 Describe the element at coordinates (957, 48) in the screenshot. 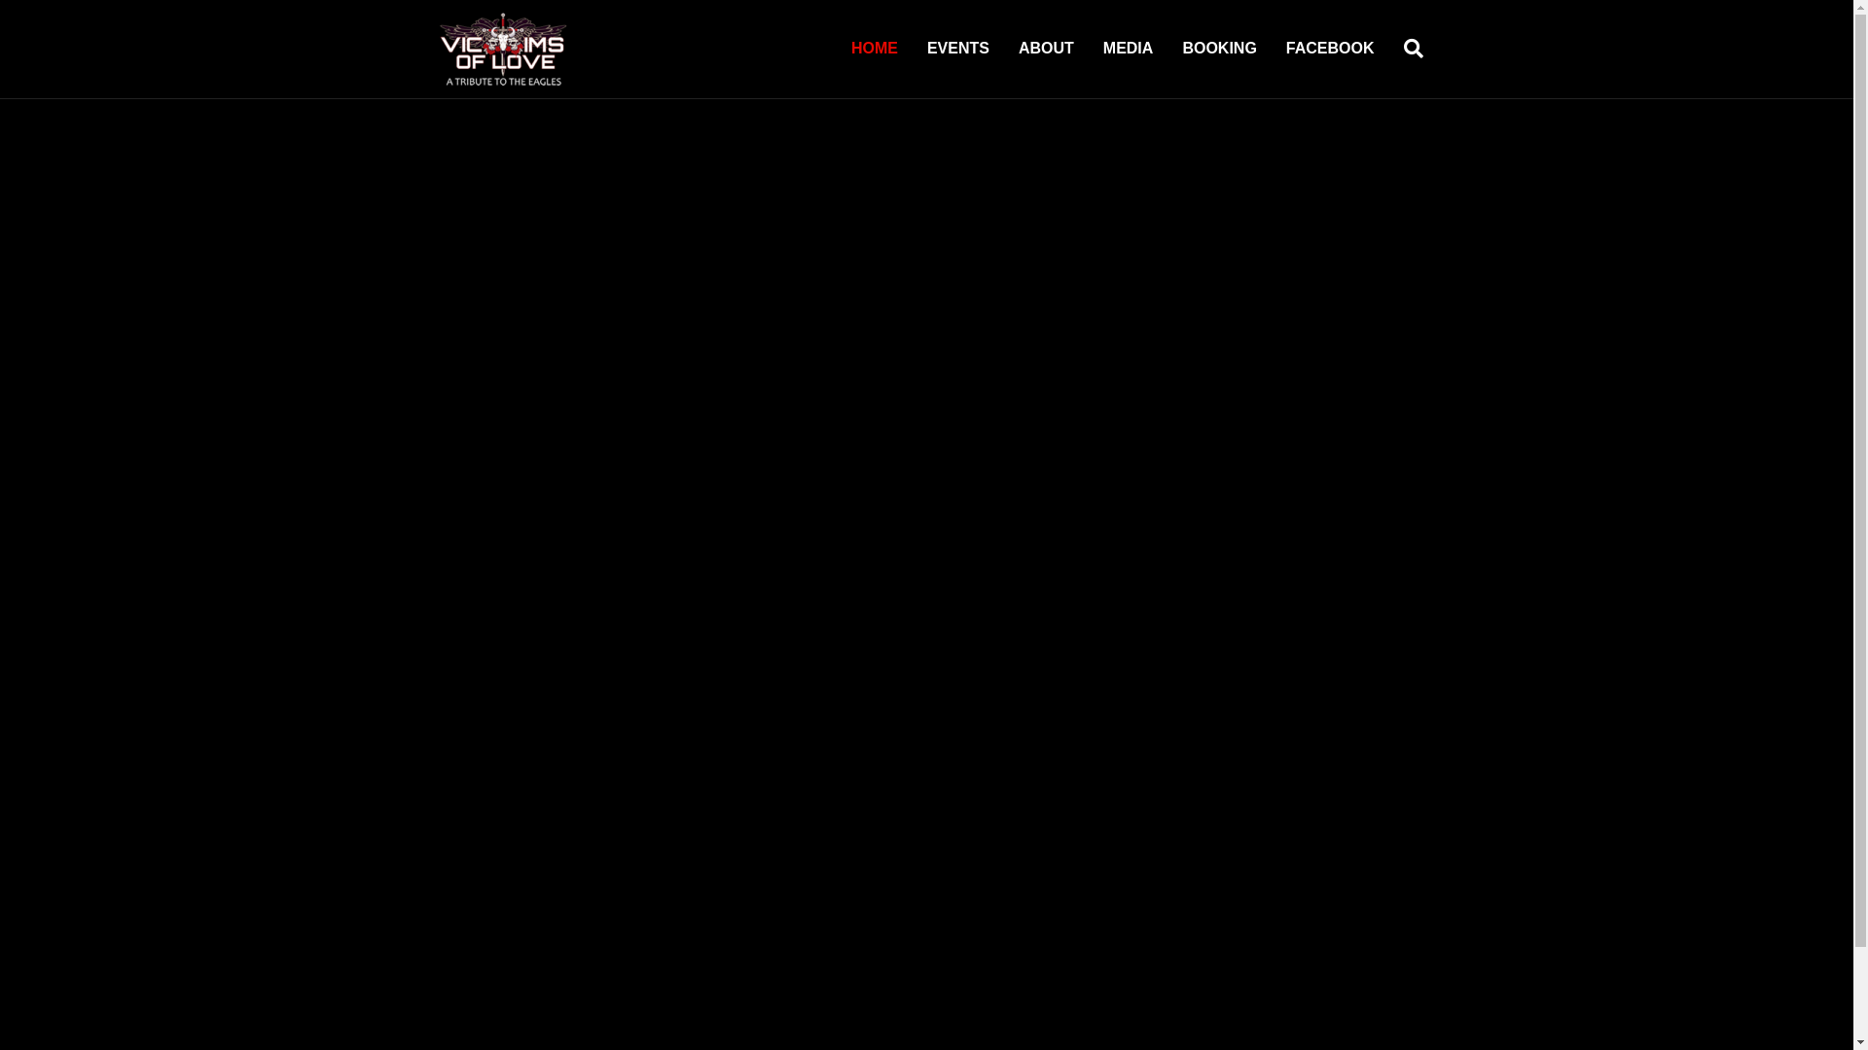

I see `'EVENTS'` at that location.